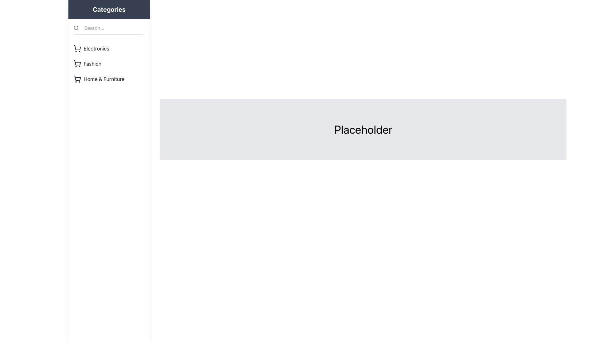  Describe the element at coordinates (109, 10) in the screenshot. I see `the bold text label reading 'Categories' located at the upper center of the sidebar` at that location.